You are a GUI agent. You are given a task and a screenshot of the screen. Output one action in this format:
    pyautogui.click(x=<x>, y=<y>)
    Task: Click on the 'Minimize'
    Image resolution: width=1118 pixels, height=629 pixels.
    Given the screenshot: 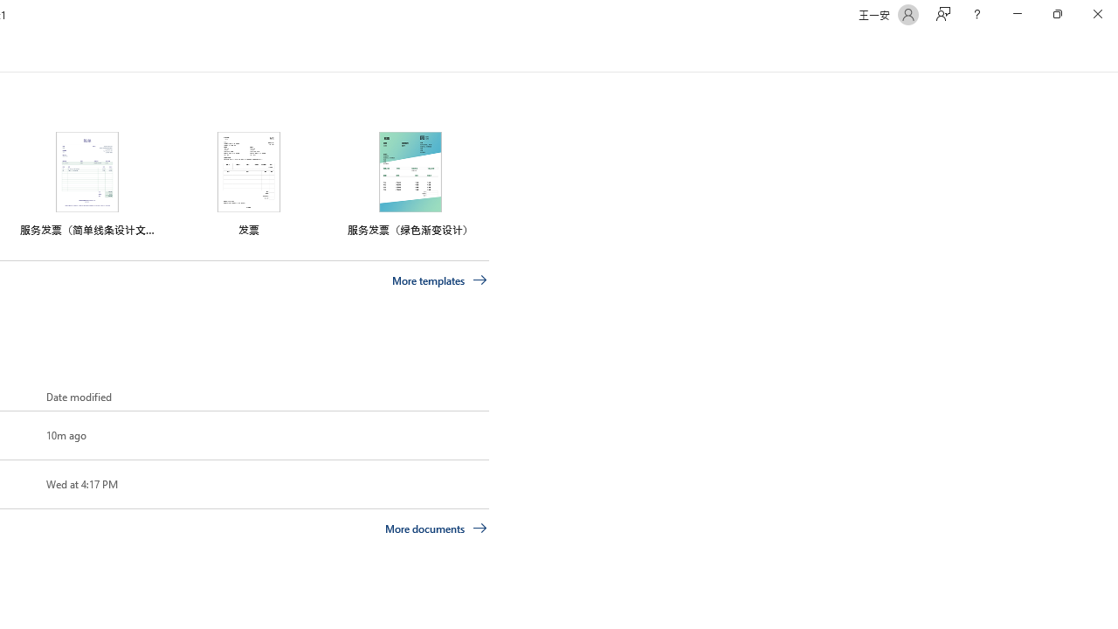 What is the action you would take?
    pyautogui.click(x=1017, y=14)
    